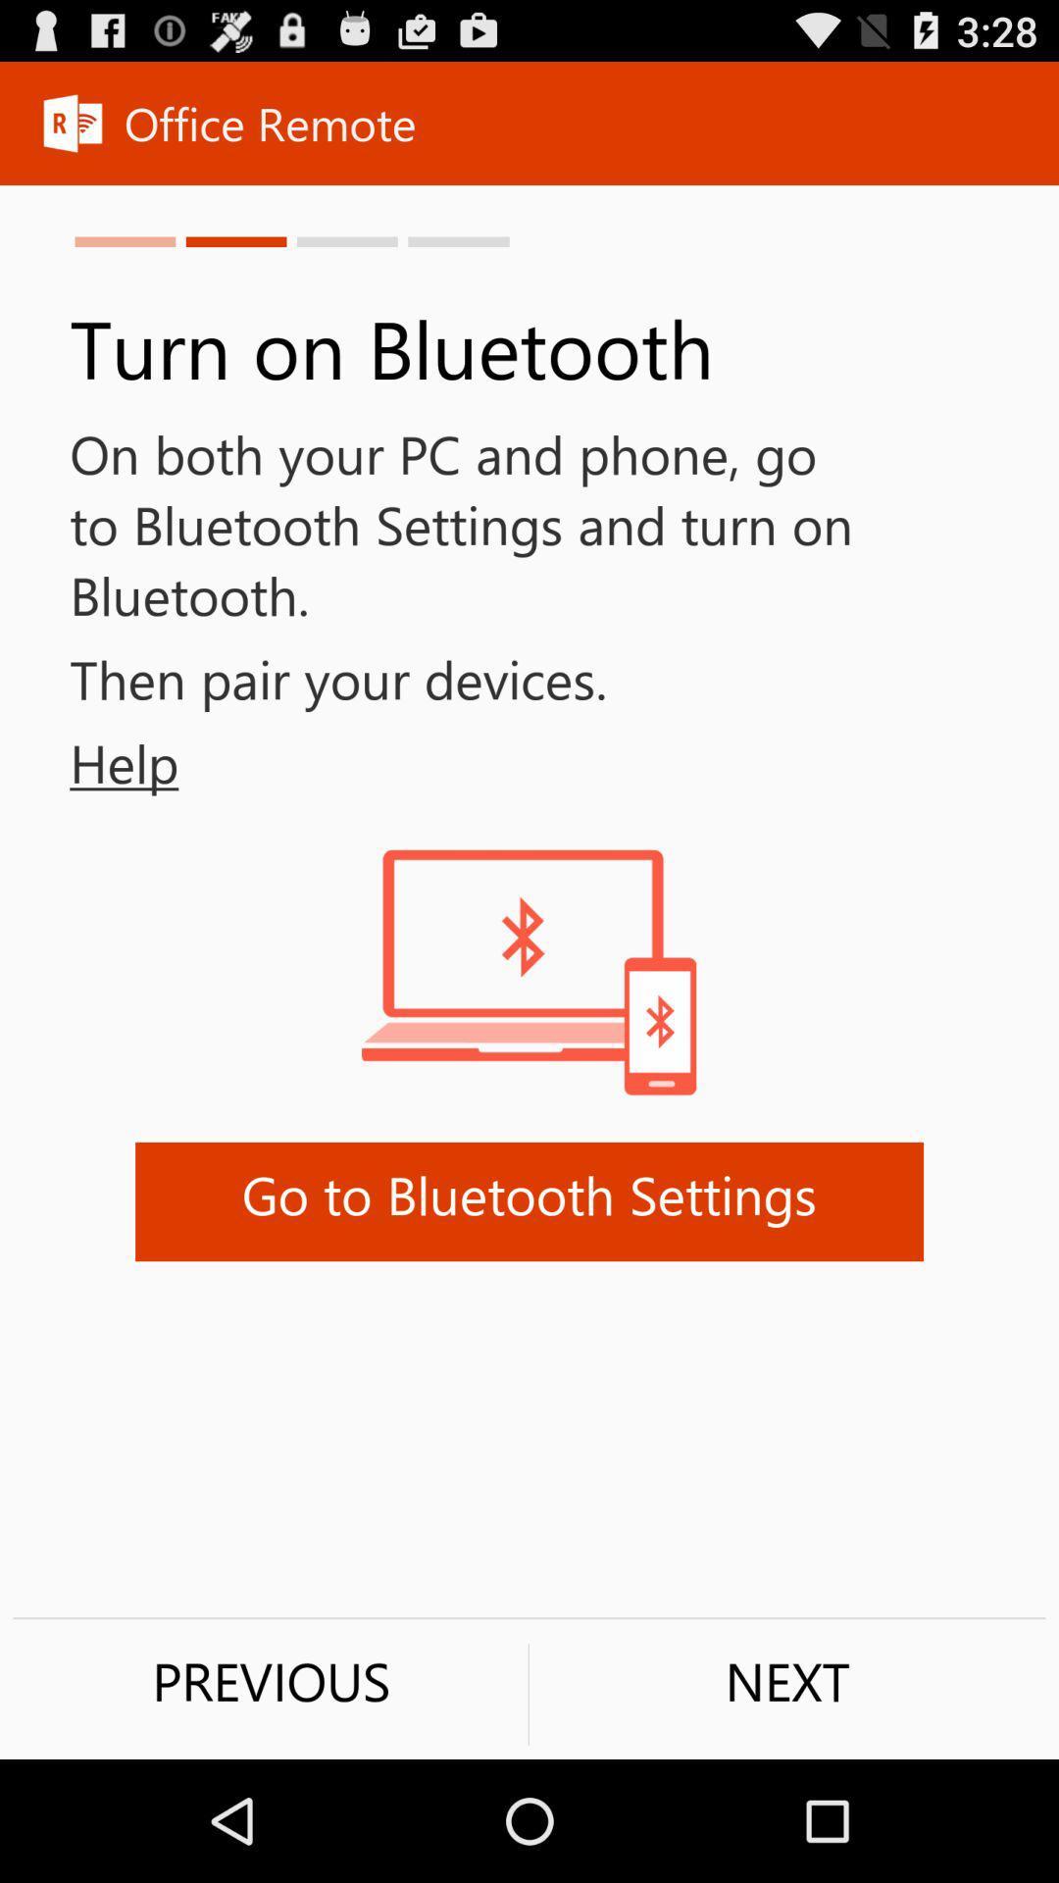 This screenshot has width=1059, height=1883. What do you see at coordinates (271, 1680) in the screenshot?
I see `previous icon` at bounding box center [271, 1680].